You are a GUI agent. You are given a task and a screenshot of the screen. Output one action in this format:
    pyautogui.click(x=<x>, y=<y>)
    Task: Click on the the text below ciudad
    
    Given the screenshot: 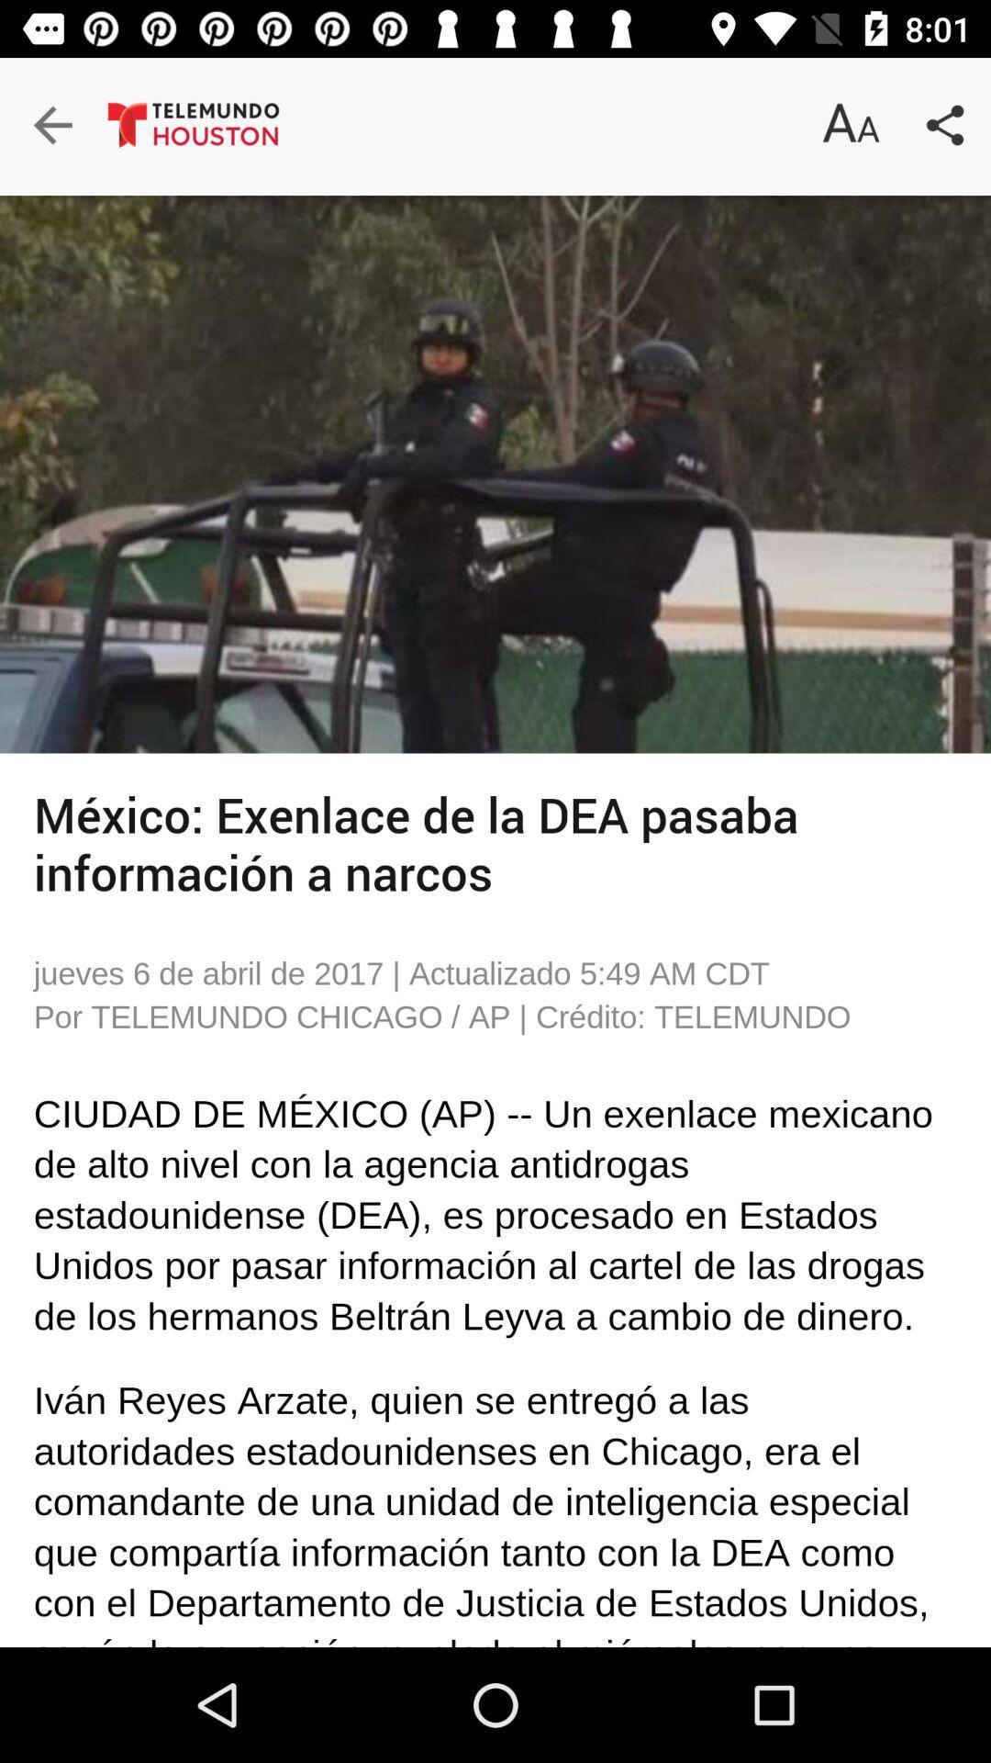 What is the action you would take?
    pyautogui.click(x=92, y=1158)
    